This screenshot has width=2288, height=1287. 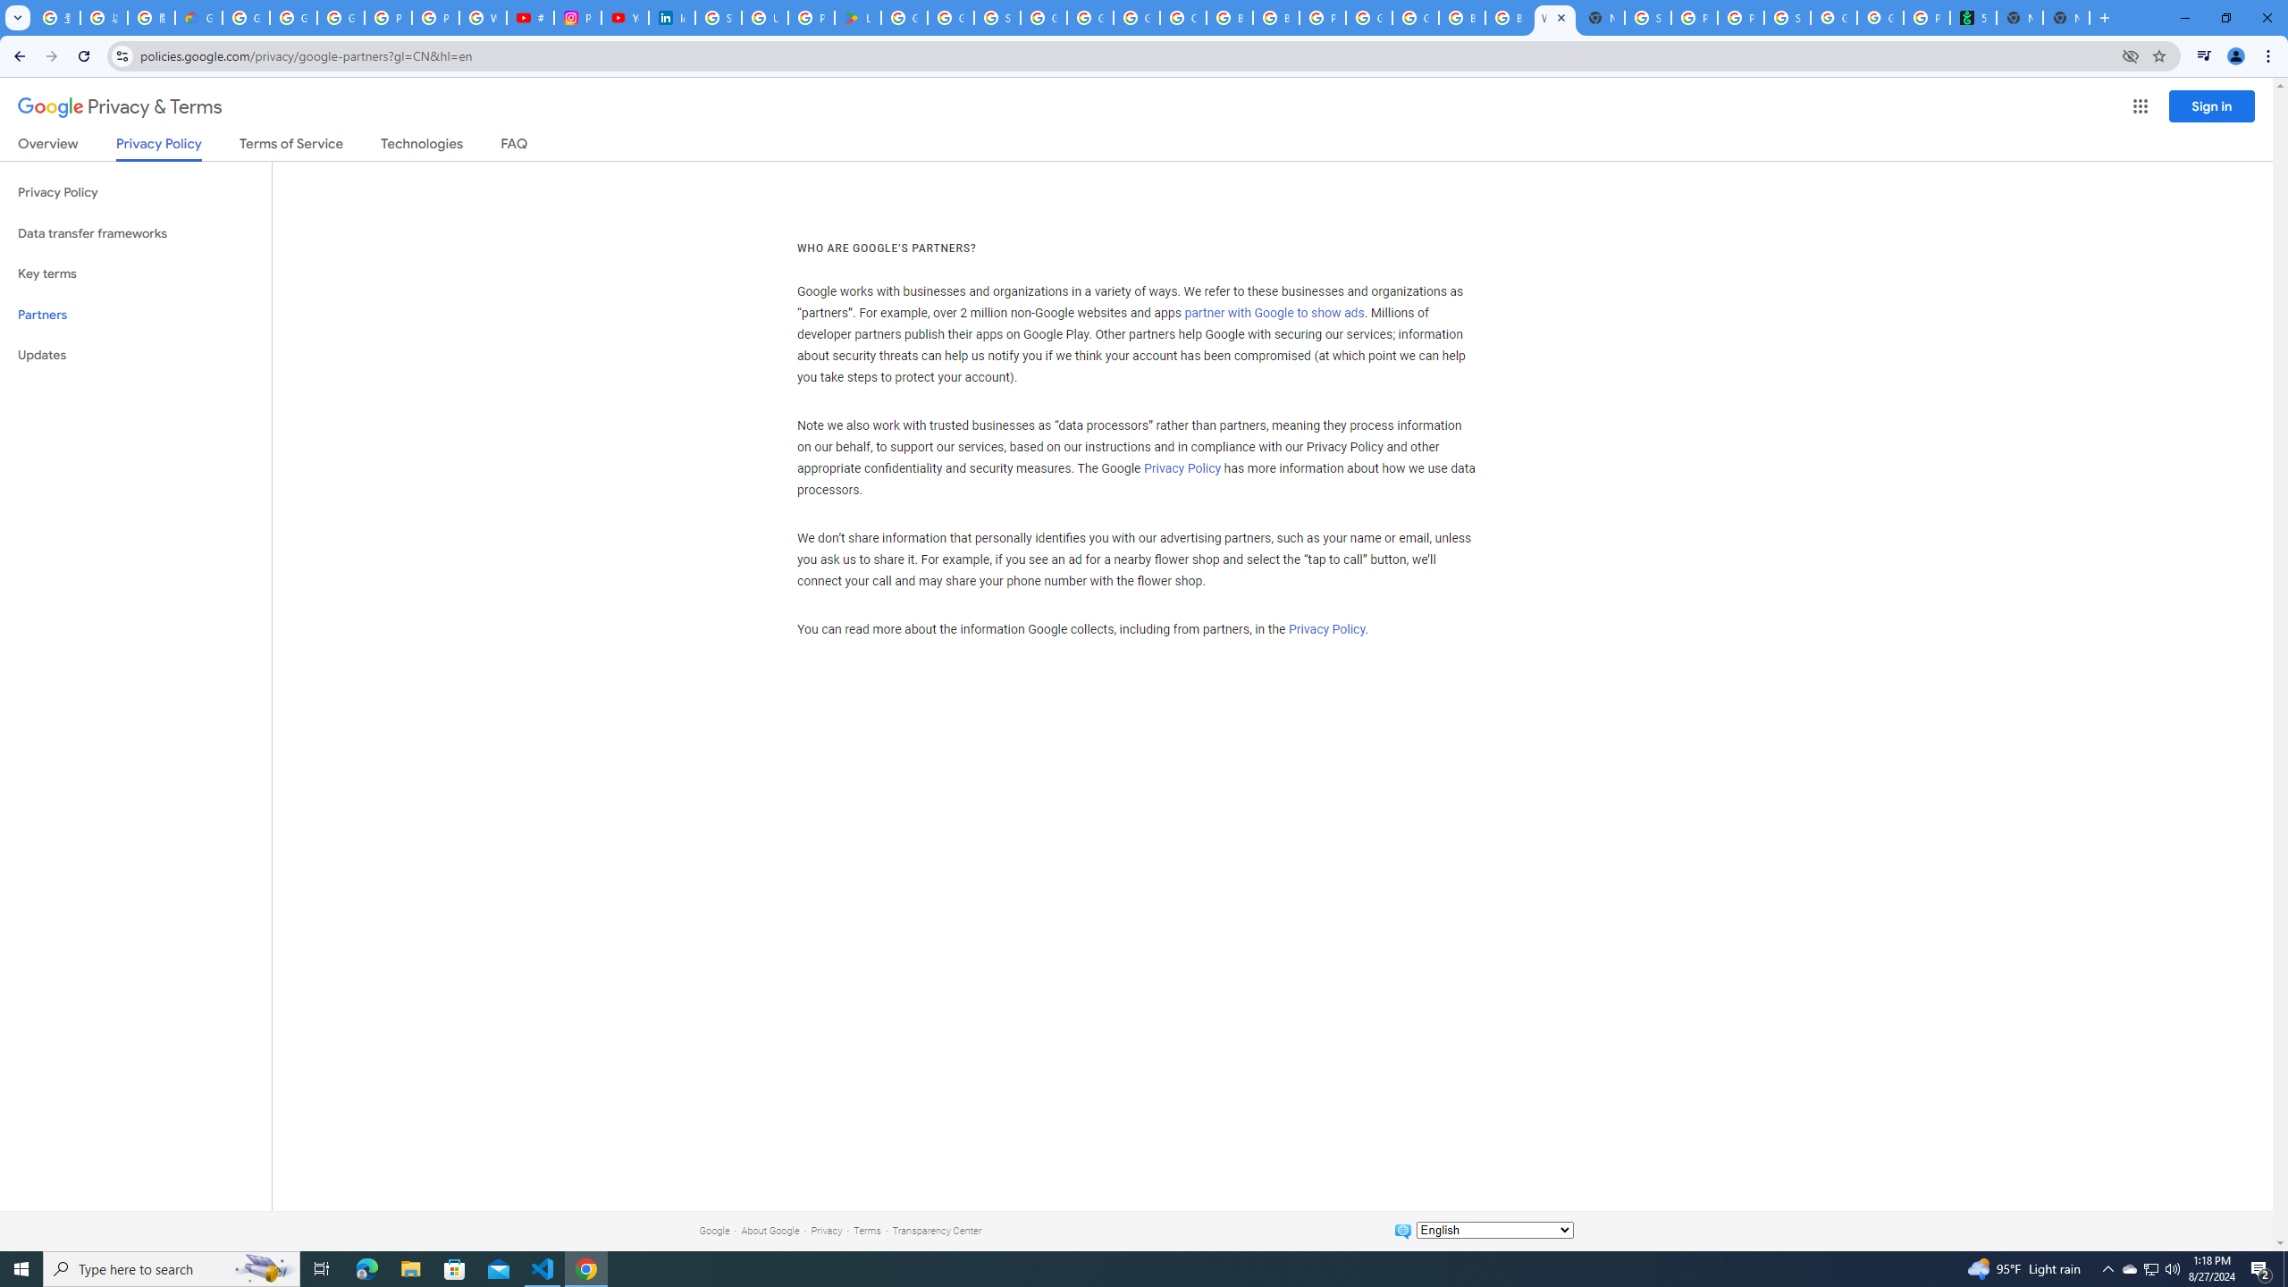 What do you see at coordinates (623, 17) in the screenshot?
I see `'YouTube Culture & Trends - On The Rise: Handcam Videos'` at bounding box center [623, 17].